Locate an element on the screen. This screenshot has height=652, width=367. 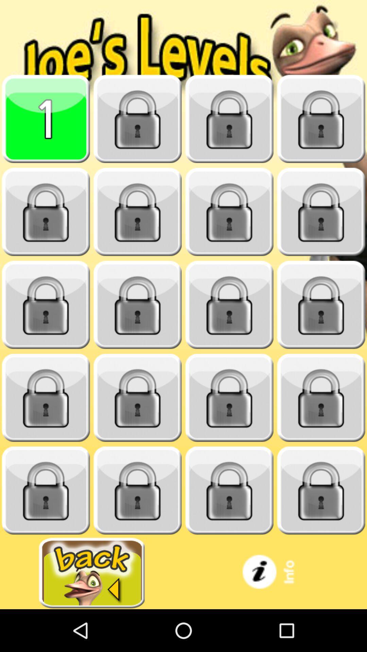
locked level is located at coordinates (229, 490).